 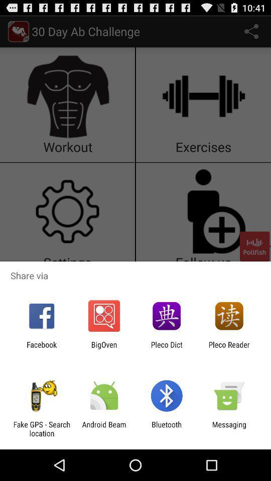 I want to click on the messaging app, so click(x=229, y=428).